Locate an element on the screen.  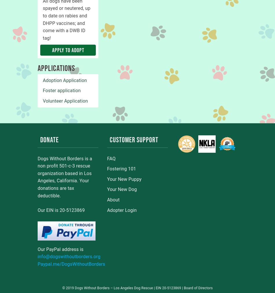
'Applications' is located at coordinates (56, 68).